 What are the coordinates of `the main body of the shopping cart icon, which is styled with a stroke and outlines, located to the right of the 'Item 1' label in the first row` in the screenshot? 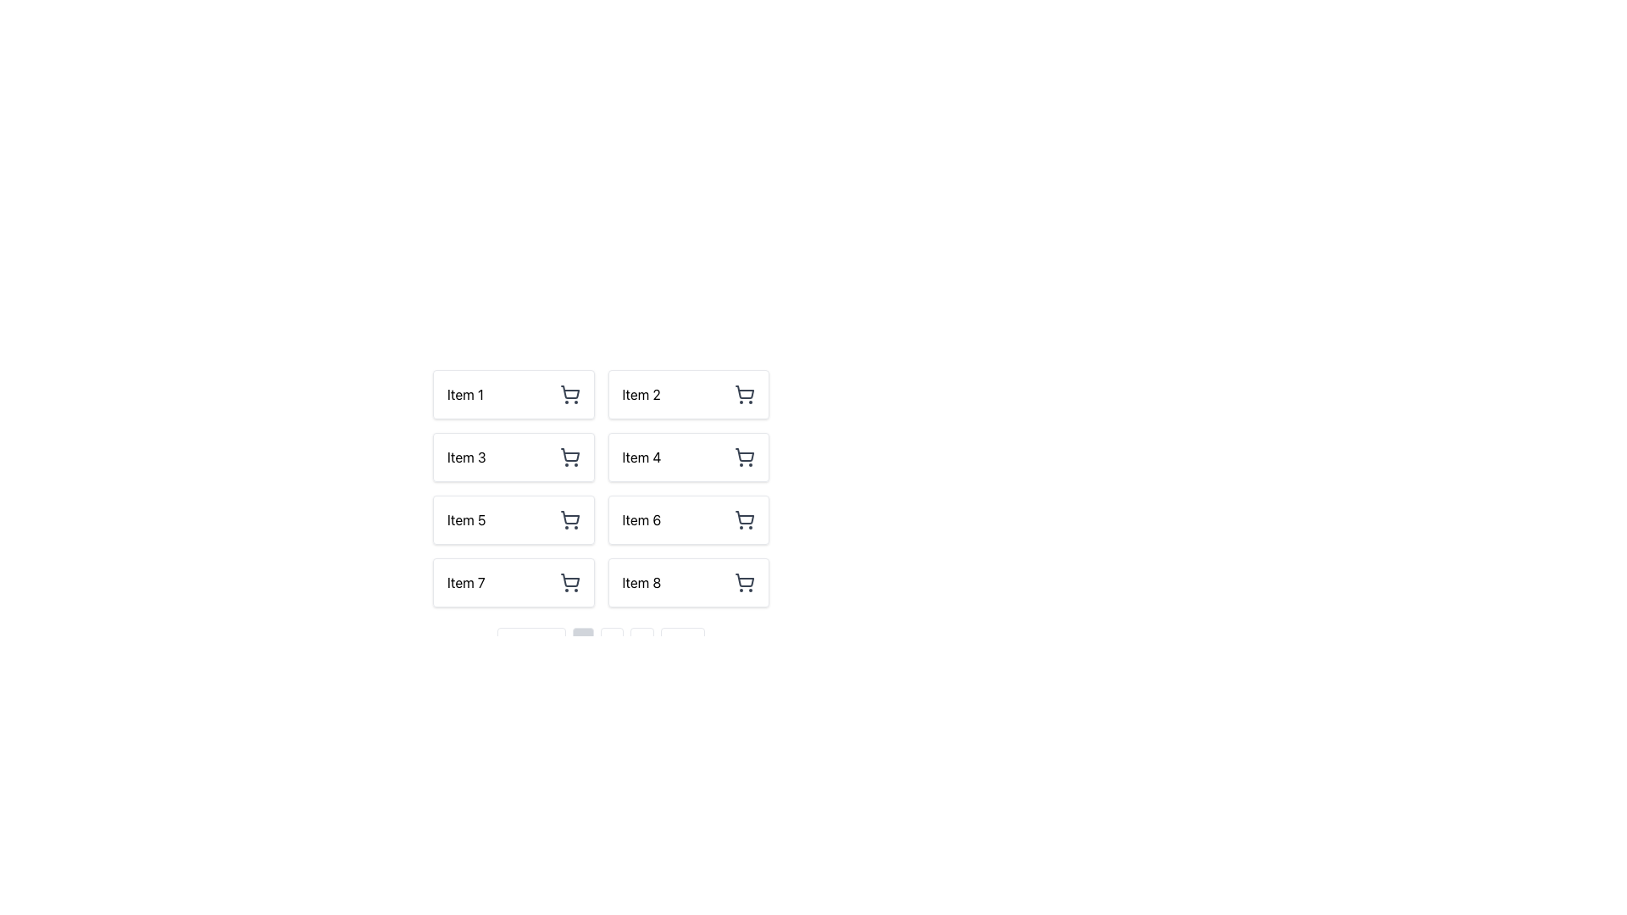 It's located at (569, 392).